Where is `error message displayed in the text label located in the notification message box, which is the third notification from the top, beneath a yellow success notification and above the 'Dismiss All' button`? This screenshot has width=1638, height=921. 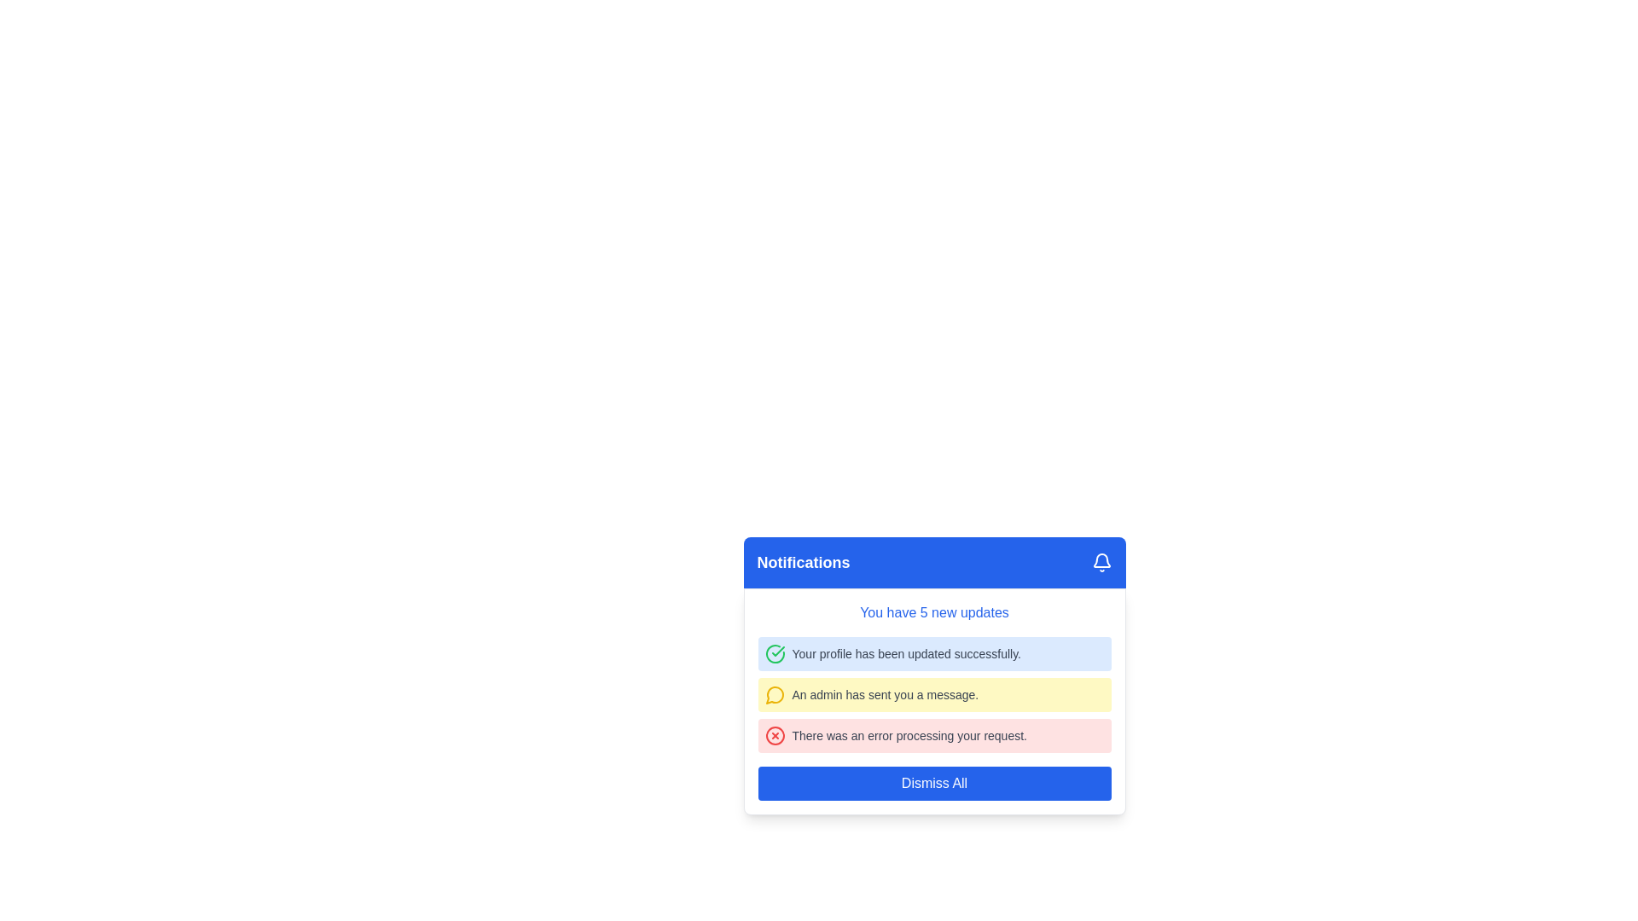
error message displayed in the text label located in the notification message box, which is the third notification from the top, beneath a yellow success notification and above the 'Dismiss All' button is located at coordinates (909, 735).